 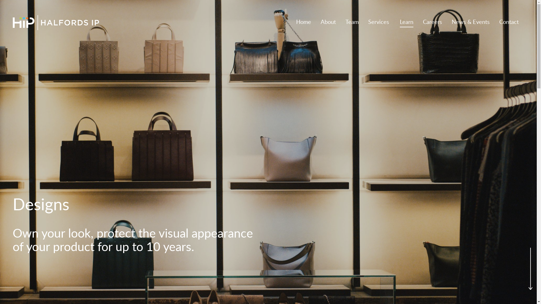 I want to click on 'About', so click(x=328, y=22).